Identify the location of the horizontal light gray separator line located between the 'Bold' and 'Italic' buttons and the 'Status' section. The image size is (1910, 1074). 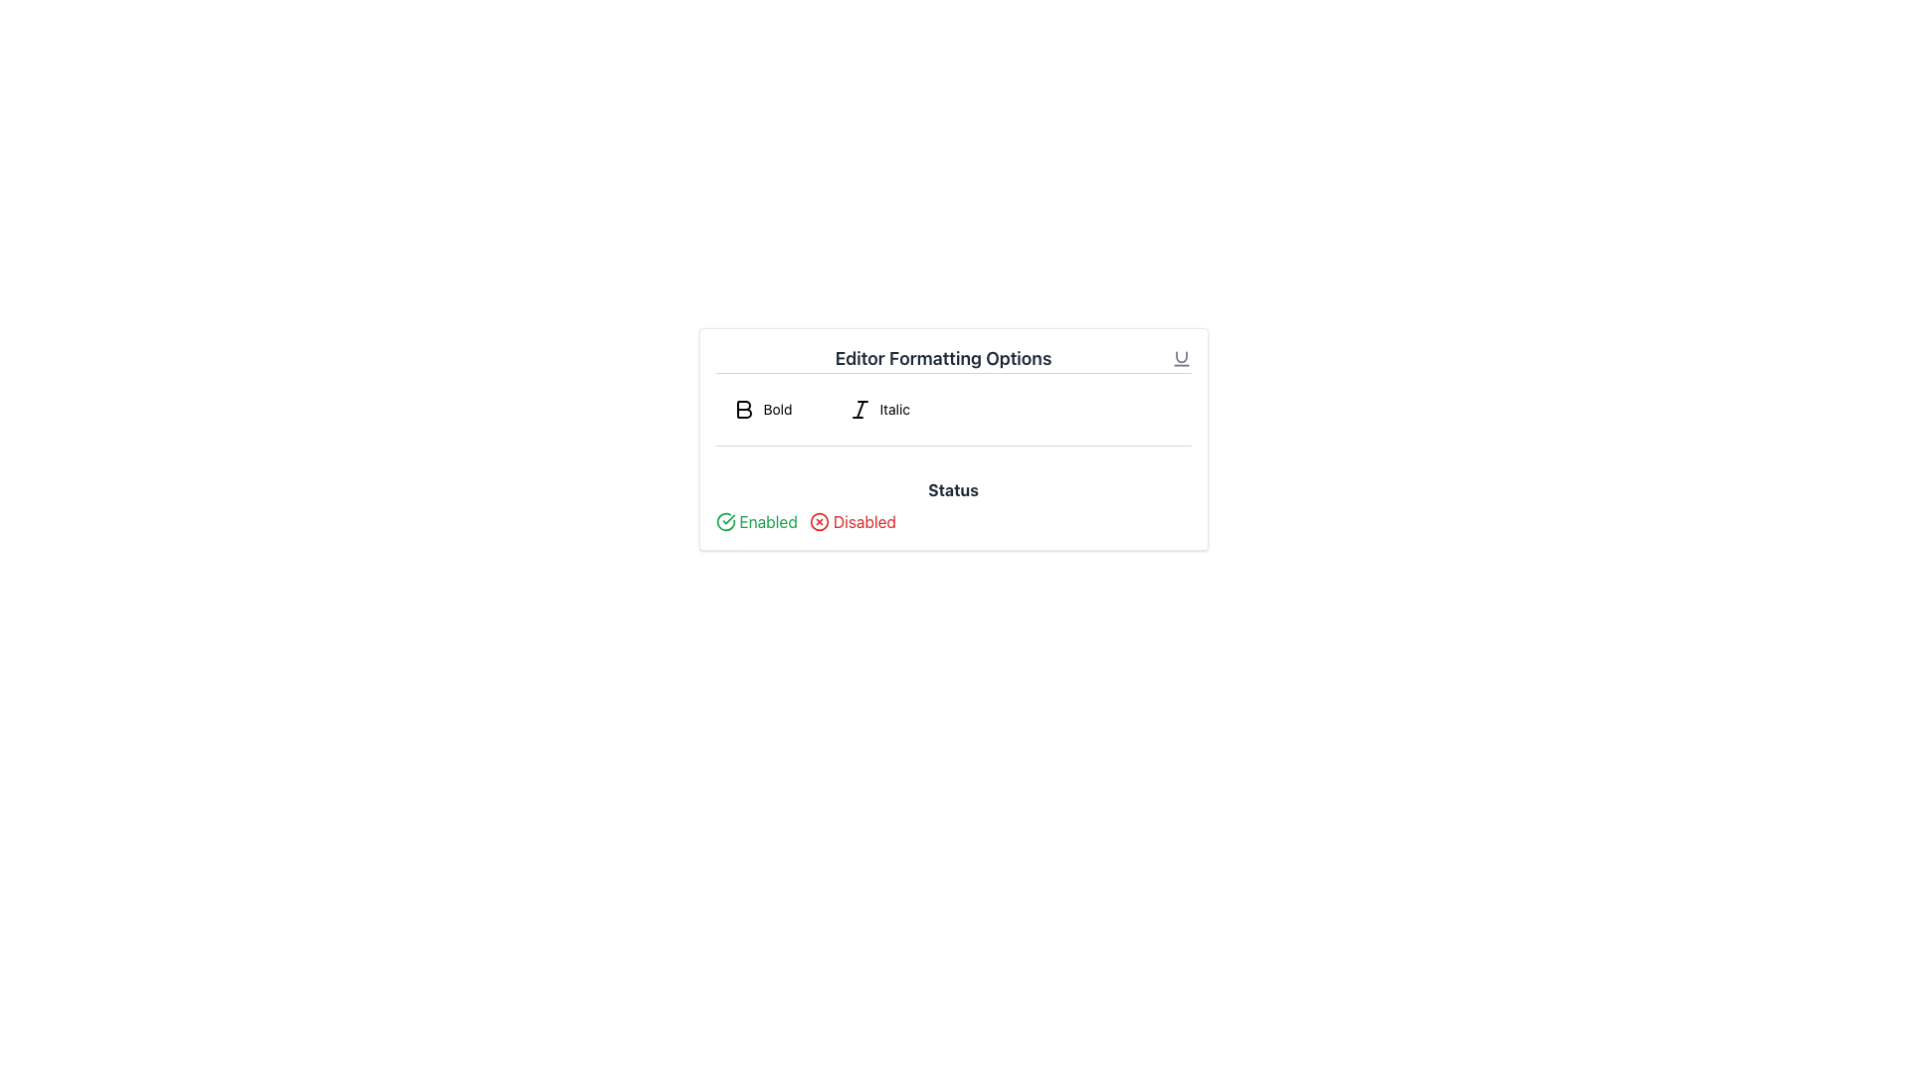
(952, 445).